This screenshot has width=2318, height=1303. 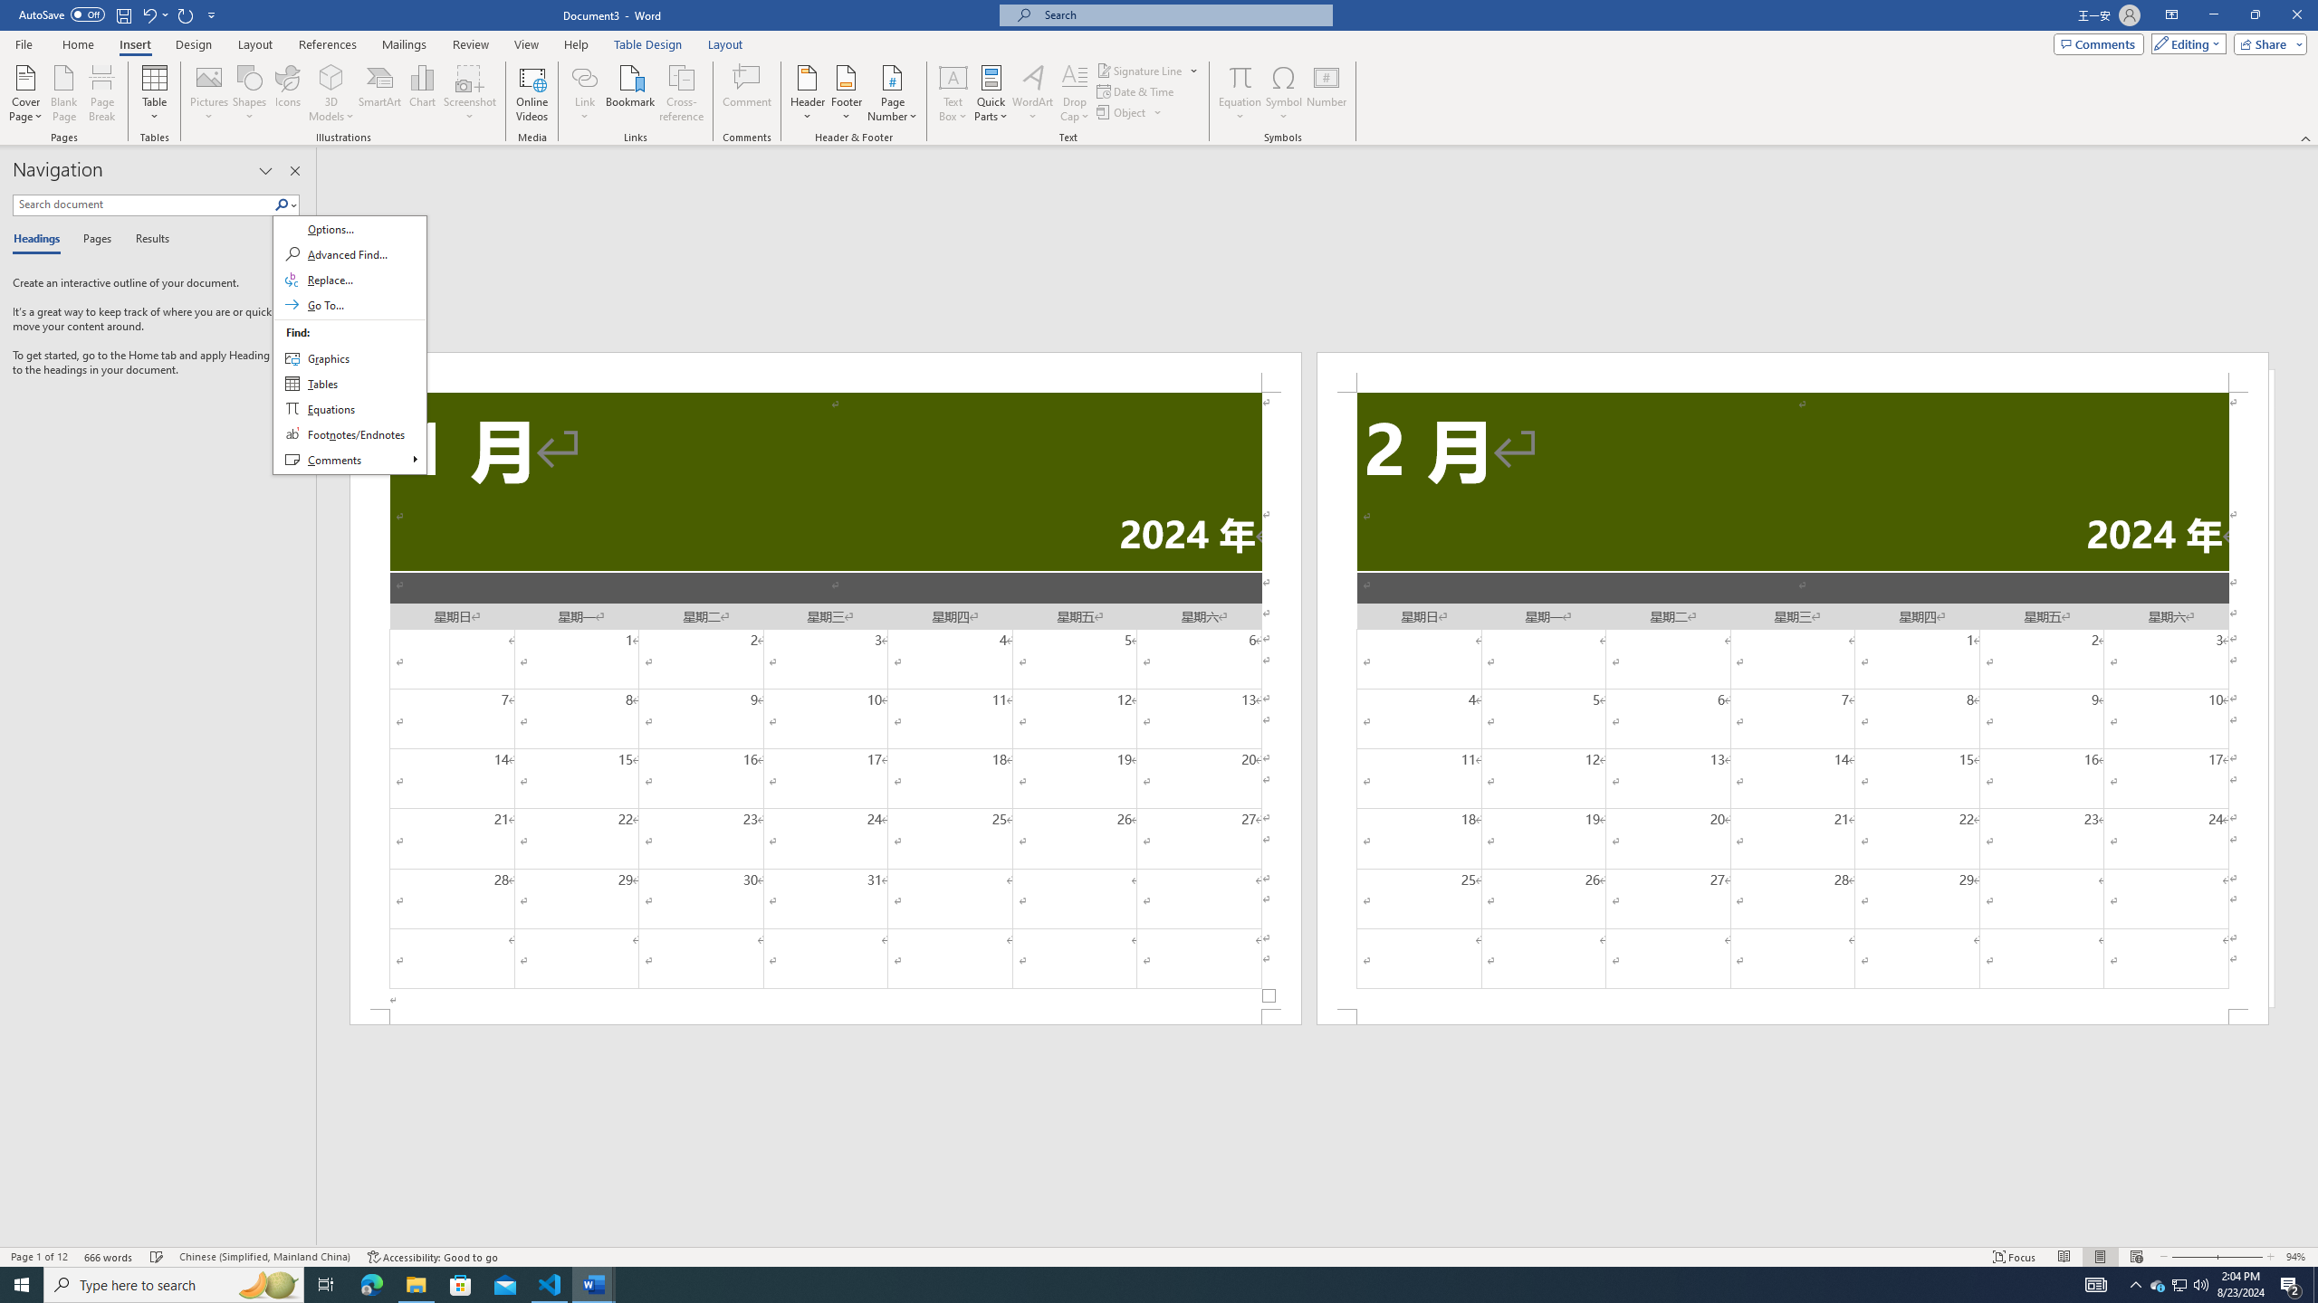 What do you see at coordinates (584, 76) in the screenshot?
I see `'Link'` at bounding box center [584, 76].